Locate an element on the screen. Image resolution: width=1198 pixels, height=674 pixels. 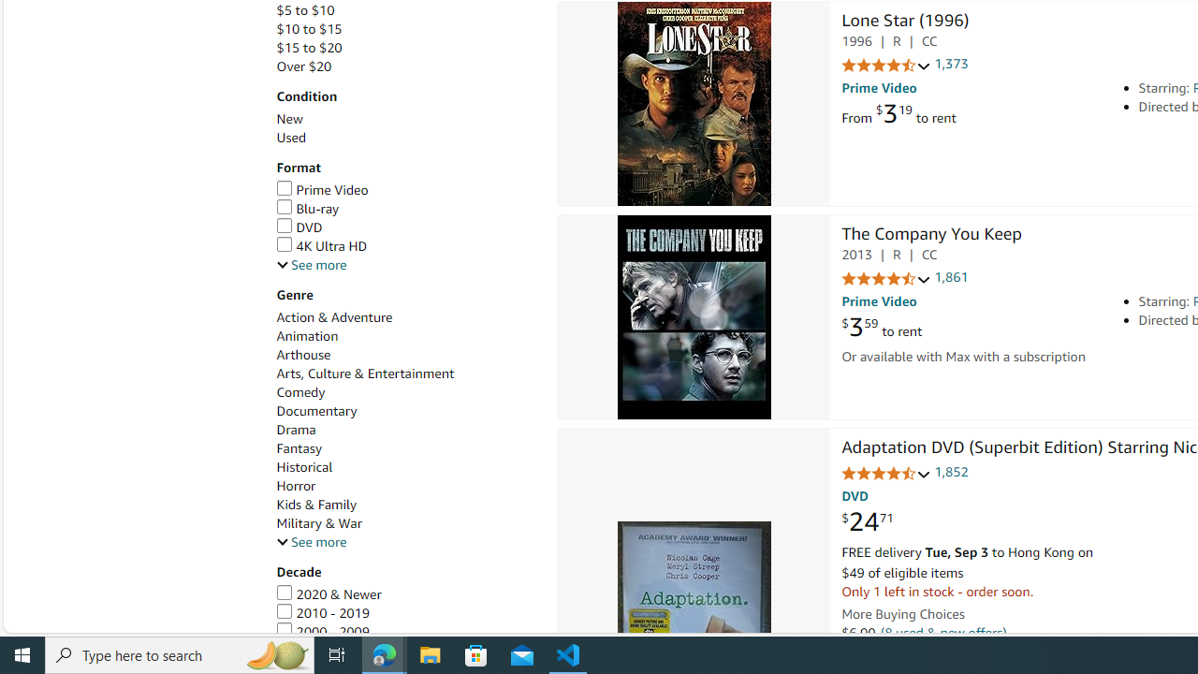
'Blu-ray' is located at coordinates (307, 209).